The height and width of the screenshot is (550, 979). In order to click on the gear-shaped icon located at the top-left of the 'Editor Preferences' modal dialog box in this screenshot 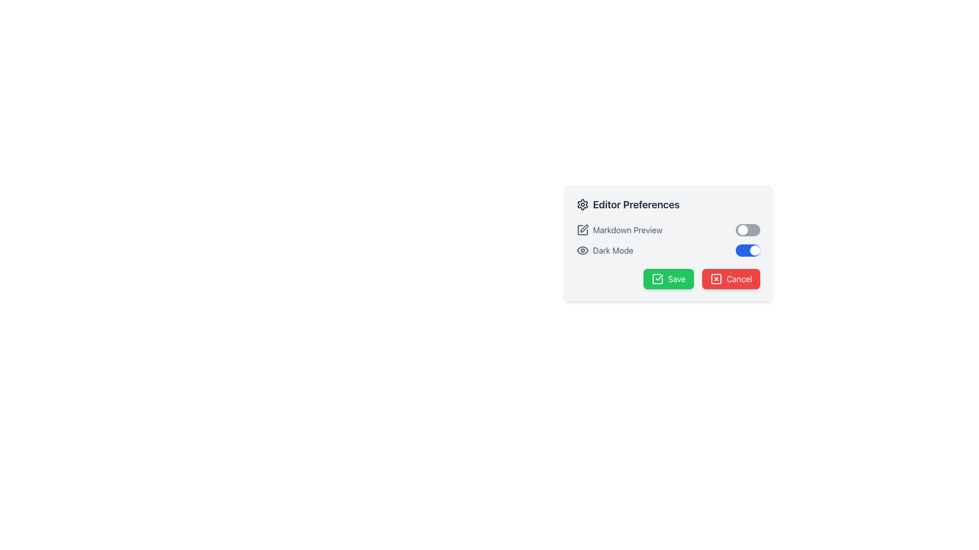, I will do `click(582, 204)`.